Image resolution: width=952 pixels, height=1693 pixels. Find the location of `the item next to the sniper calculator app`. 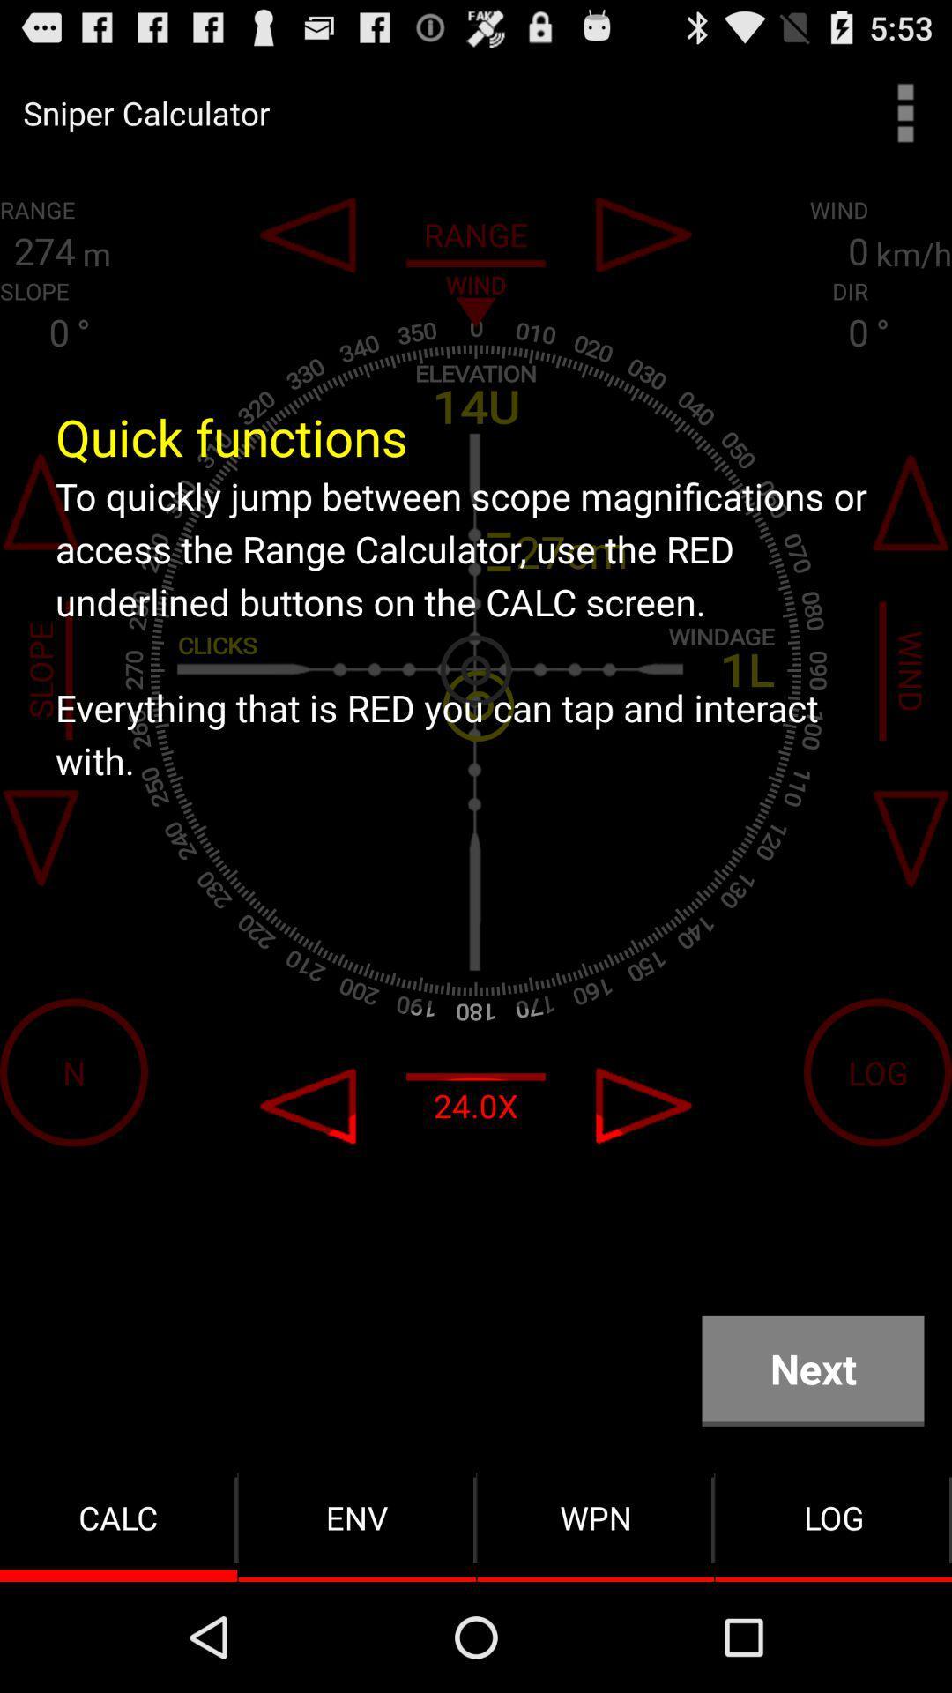

the item next to the sniper calculator app is located at coordinates (905, 112).